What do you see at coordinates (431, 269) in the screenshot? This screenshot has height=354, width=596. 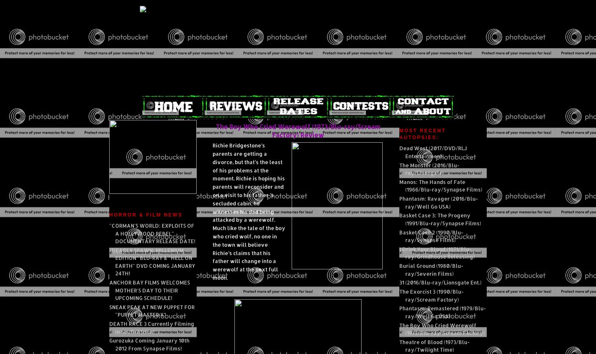 I see `'Burial Ground (1980/Blu-ray/Severin Films)'` at bounding box center [431, 269].